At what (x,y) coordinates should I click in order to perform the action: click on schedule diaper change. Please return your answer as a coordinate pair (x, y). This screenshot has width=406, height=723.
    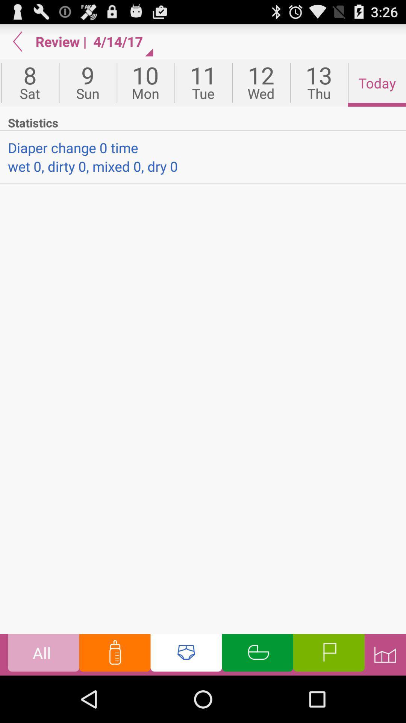
    Looking at the image, I should click on (186, 654).